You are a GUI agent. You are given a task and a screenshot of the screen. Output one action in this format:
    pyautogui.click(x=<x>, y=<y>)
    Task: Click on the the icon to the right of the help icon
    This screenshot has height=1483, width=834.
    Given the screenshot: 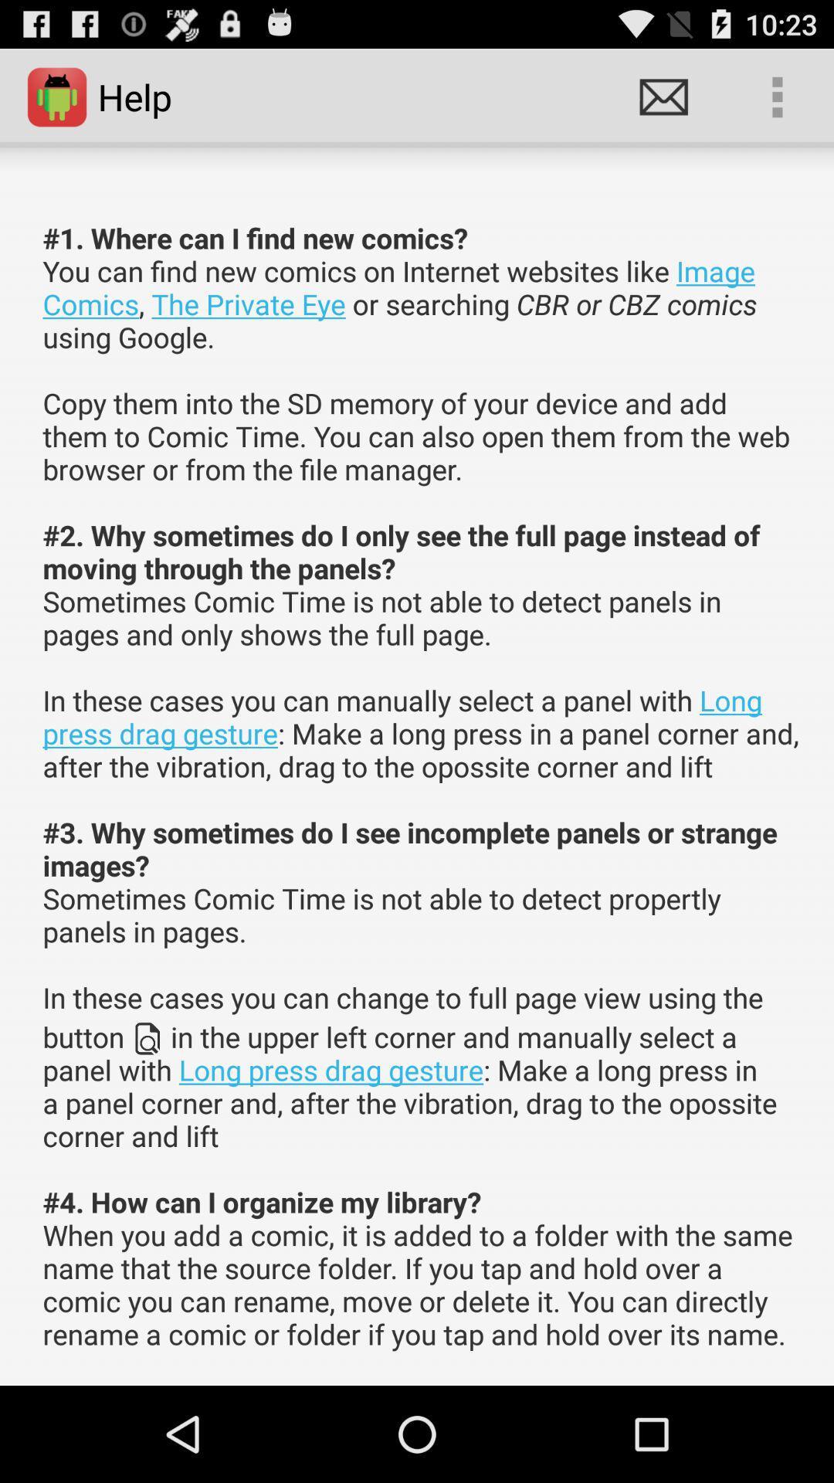 What is the action you would take?
    pyautogui.click(x=663, y=96)
    